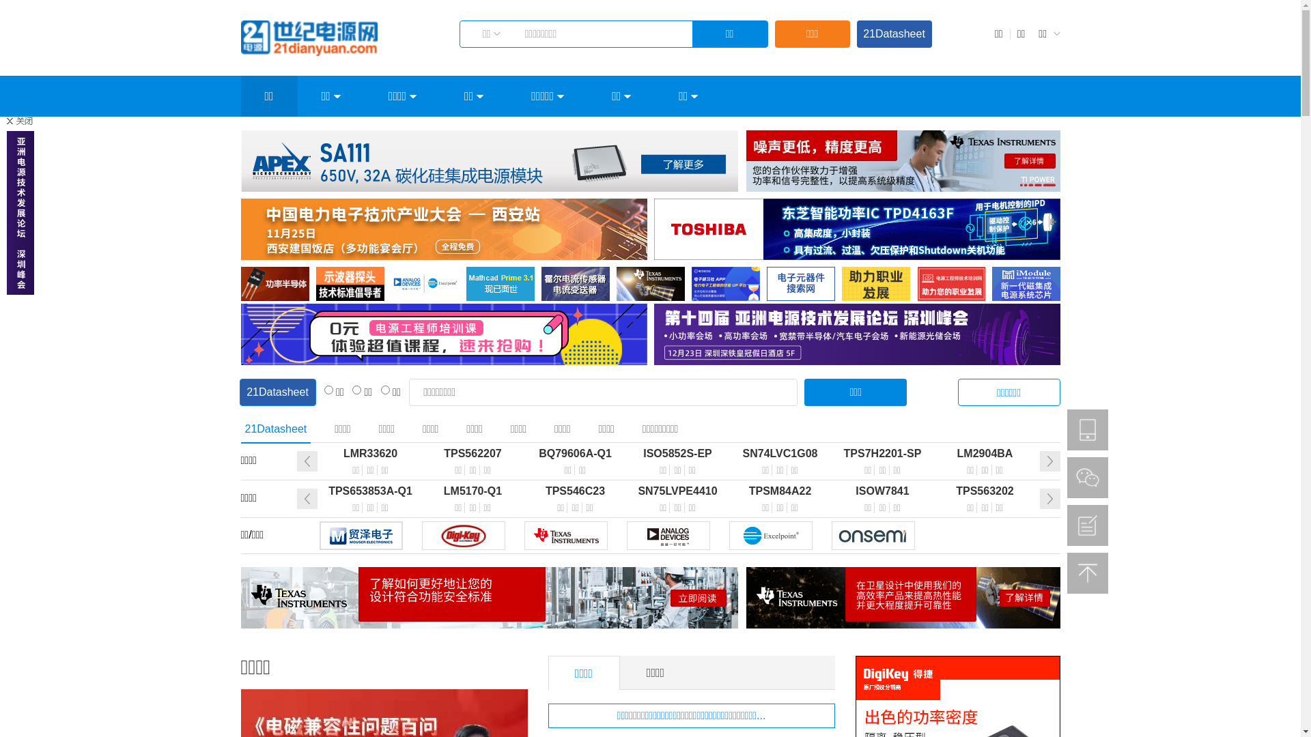  Describe the element at coordinates (625, 535) in the screenshot. I see `'ADI'` at that location.